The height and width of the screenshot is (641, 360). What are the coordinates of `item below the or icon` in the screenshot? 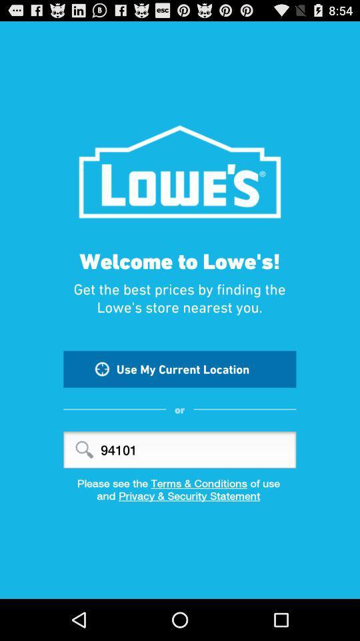 It's located at (179, 449).